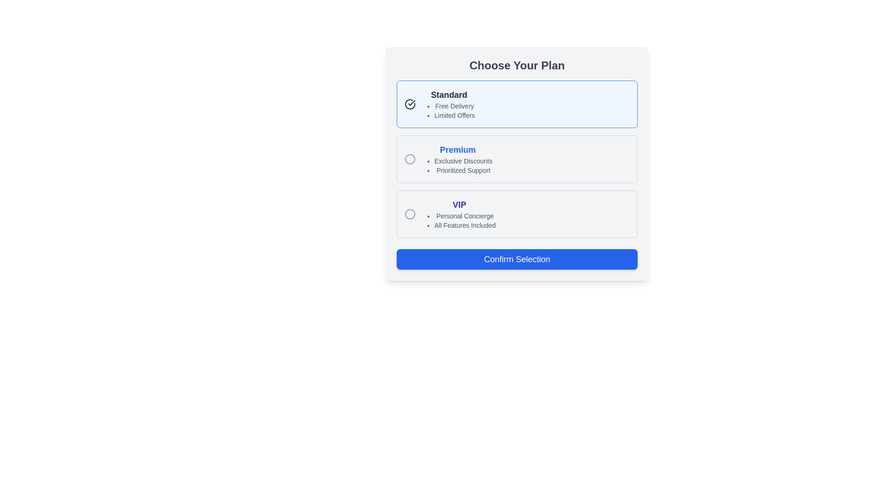 This screenshot has width=895, height=503. Describe the element at coordinates (411, 102) in the screenshot. I see `the checkmark SVG icon located to the left of the 'Standard' text label in the 'Choose Your Plan' section` at that location.